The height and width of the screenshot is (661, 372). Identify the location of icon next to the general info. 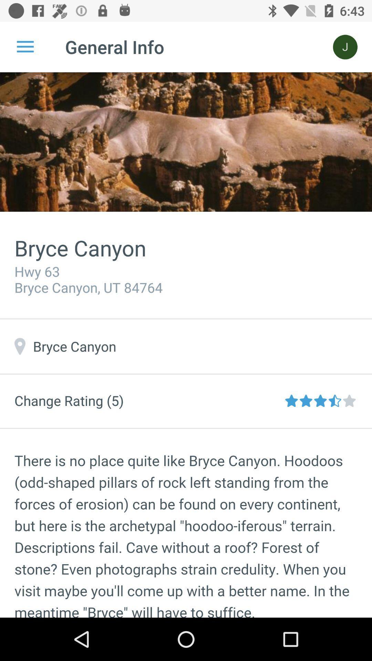
(345, 46).